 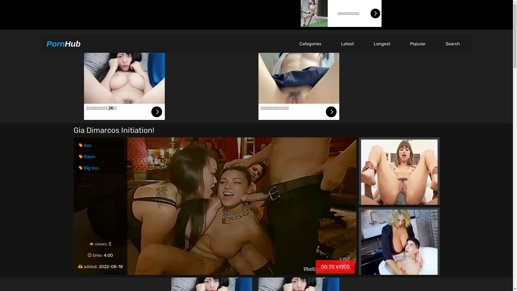 I want to click on 'Ass', so click(x=84, y=145).